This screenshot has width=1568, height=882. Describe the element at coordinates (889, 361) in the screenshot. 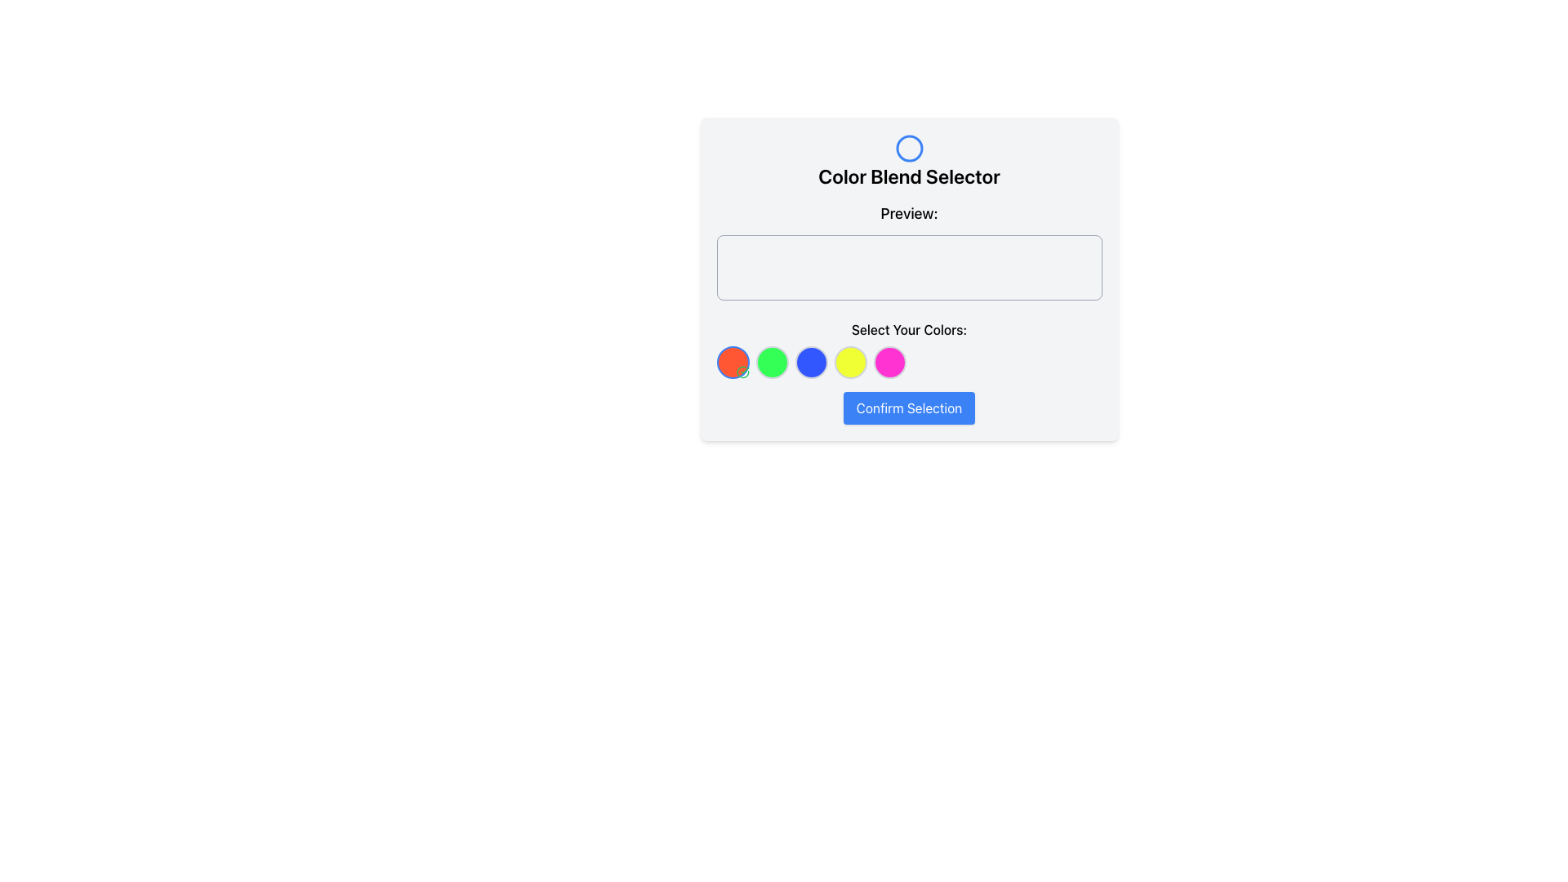

I see `the circular magenta button with a light-gray border, which is the last color option in the 'Color Blend Selector' UI` at that location.